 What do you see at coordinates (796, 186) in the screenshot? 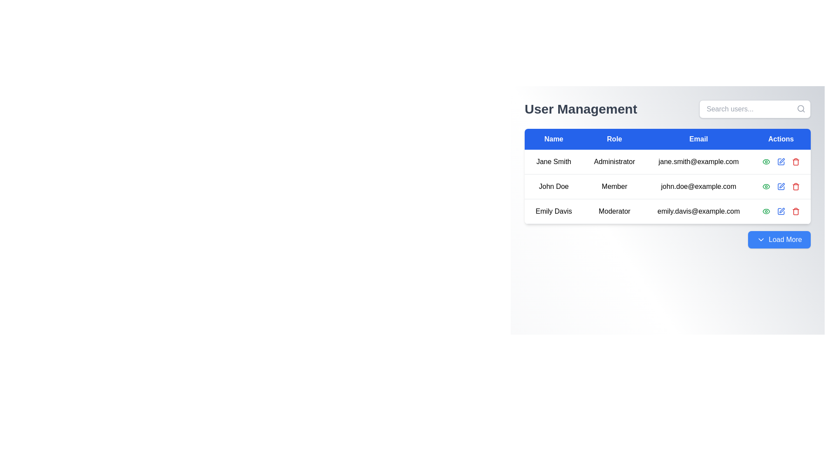
I see `the trash icon, which is a small red icon representing deletion, located` at bounding box center [796, 186].